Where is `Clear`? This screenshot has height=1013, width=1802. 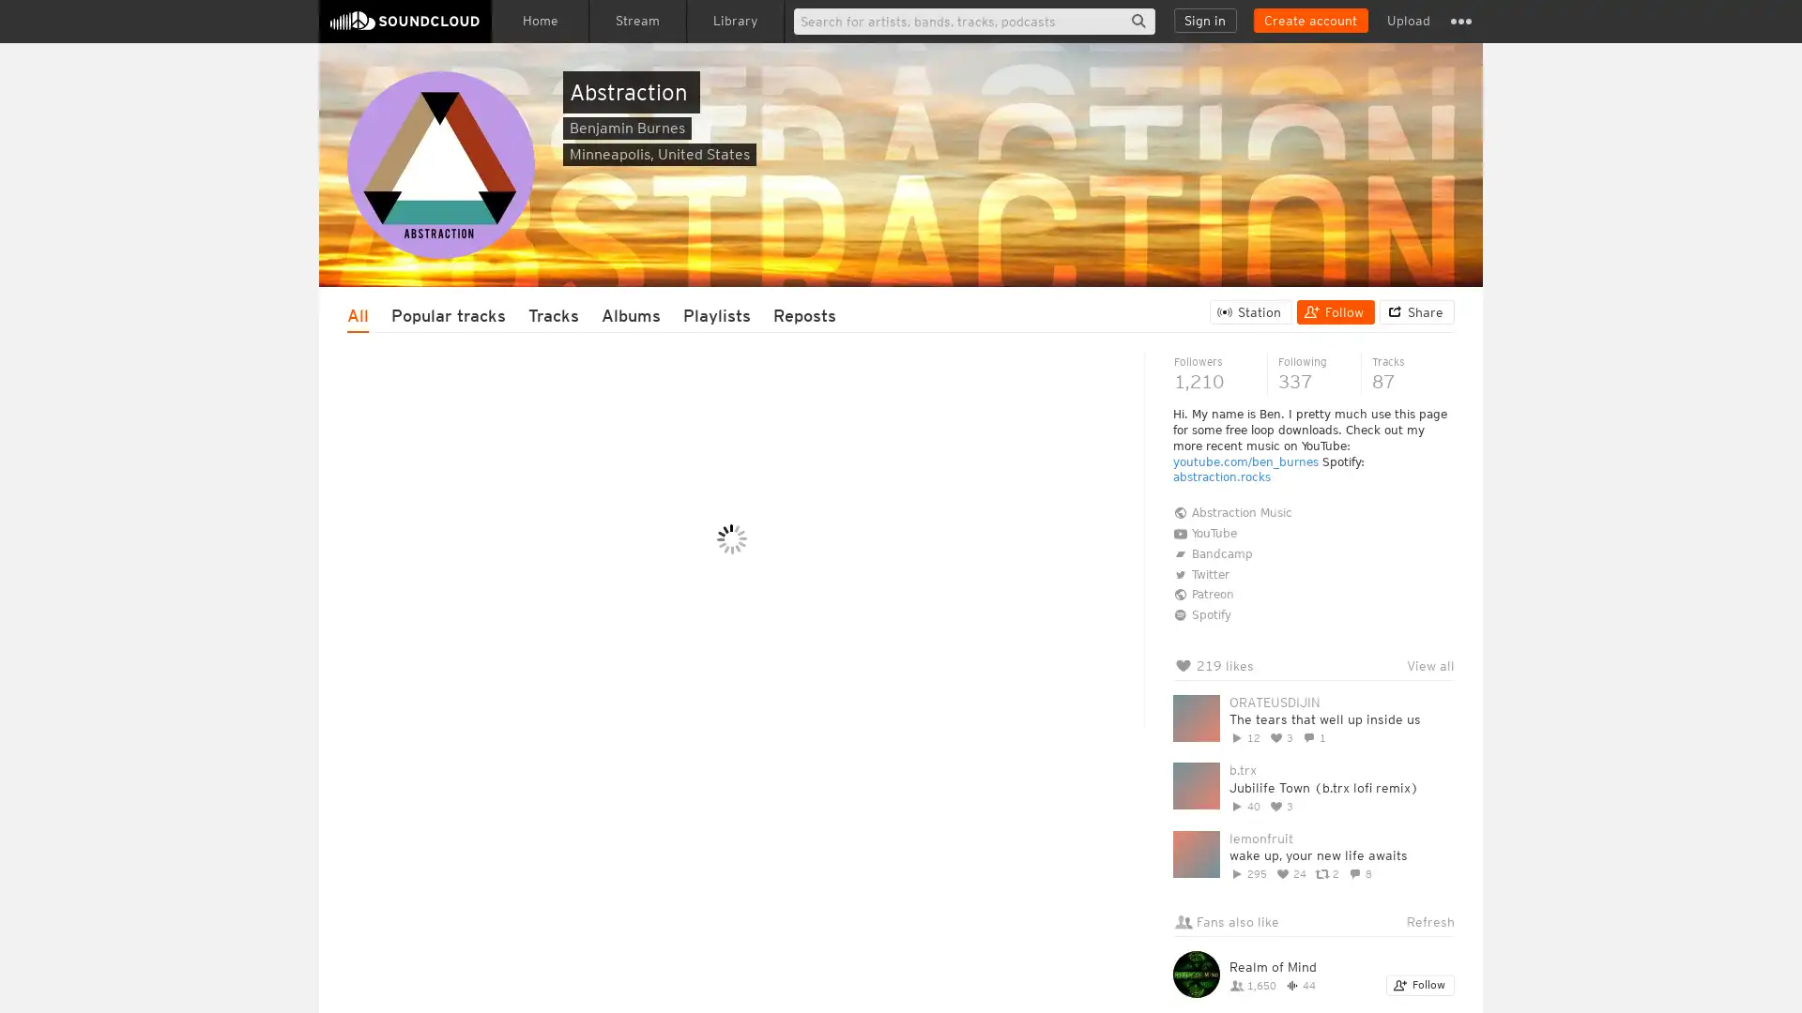
Clear is located at coordinates (1391, 512).